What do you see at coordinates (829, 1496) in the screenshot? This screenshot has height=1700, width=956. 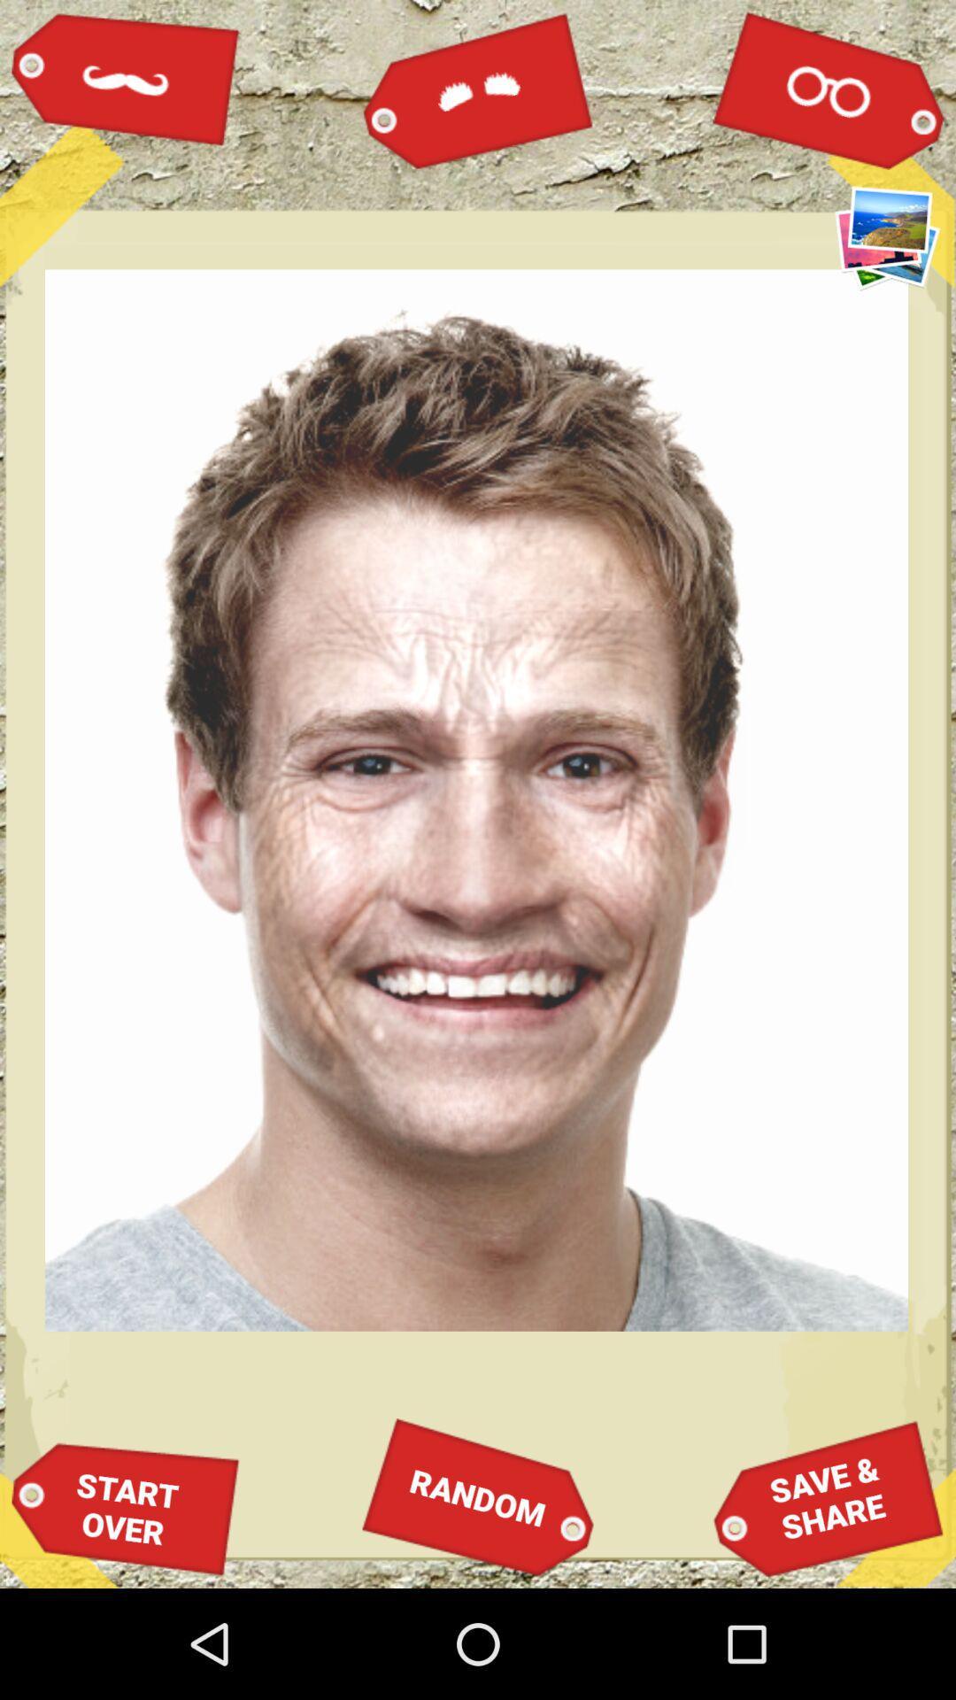 I see `item to the right of the random` at bounding box center [829, 1496].